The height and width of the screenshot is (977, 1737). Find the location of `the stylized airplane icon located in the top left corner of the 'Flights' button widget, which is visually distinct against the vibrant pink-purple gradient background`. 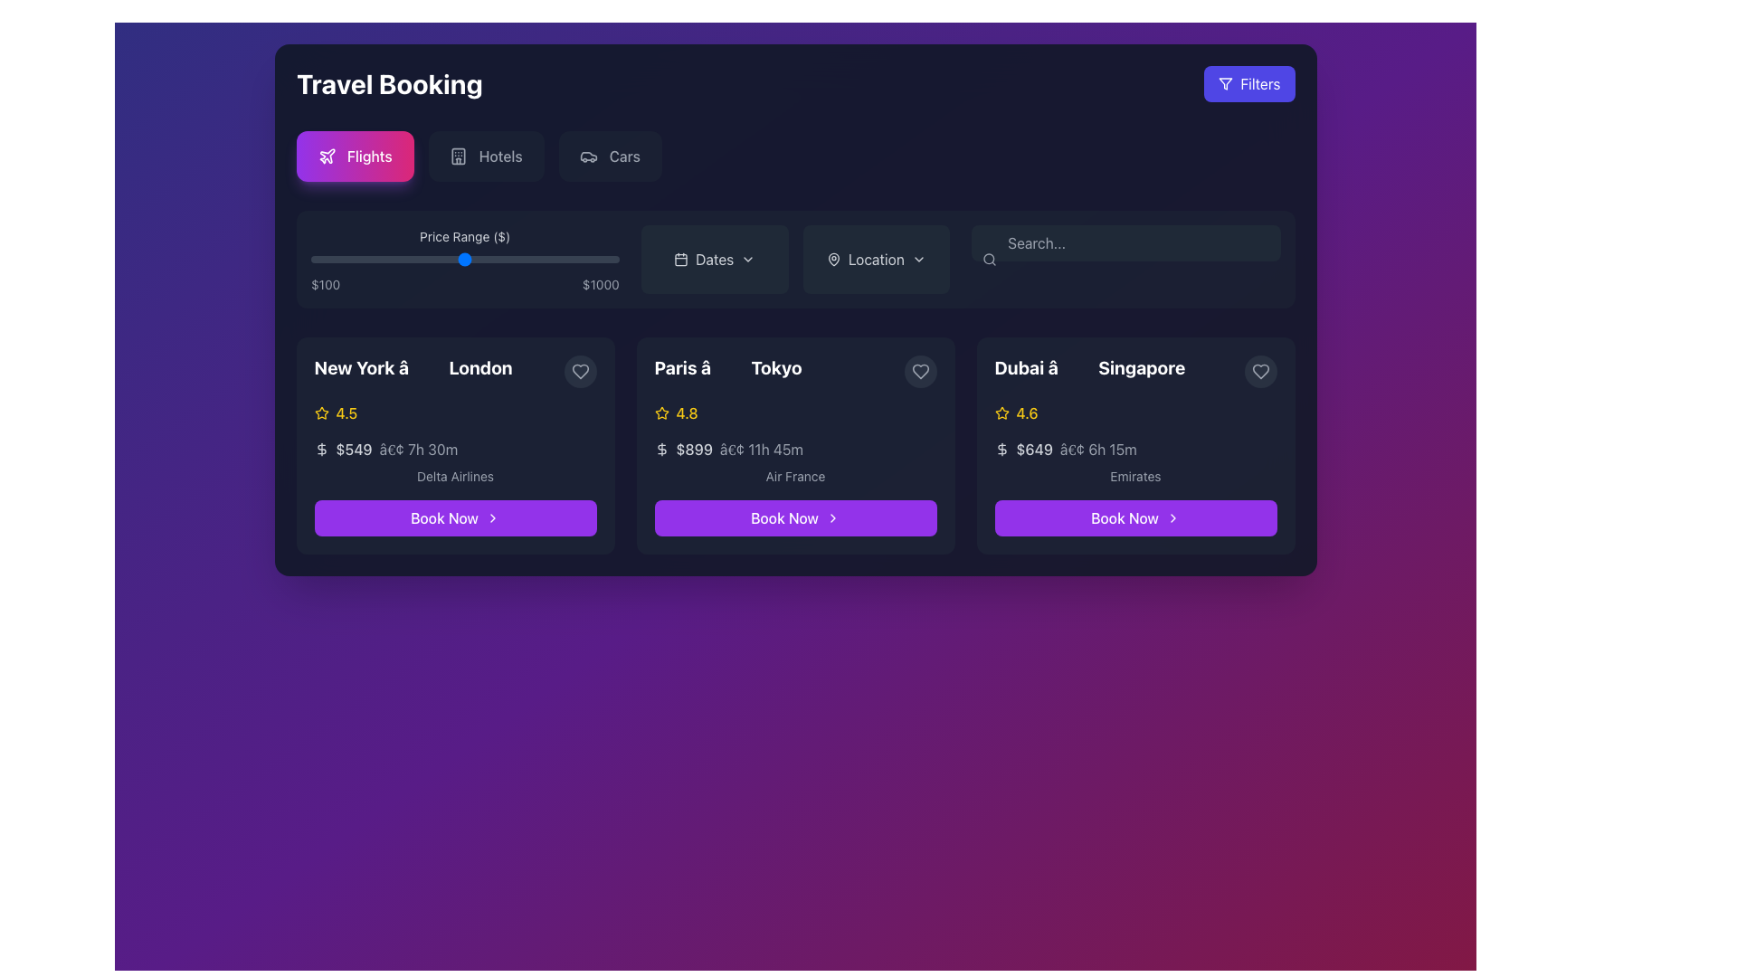

the stylized airplane icon located in the top left corner of the 'Flights' button widget, which is visually distinct against the vibrant pink-purple gradient background is located at coordinates (327, 156).